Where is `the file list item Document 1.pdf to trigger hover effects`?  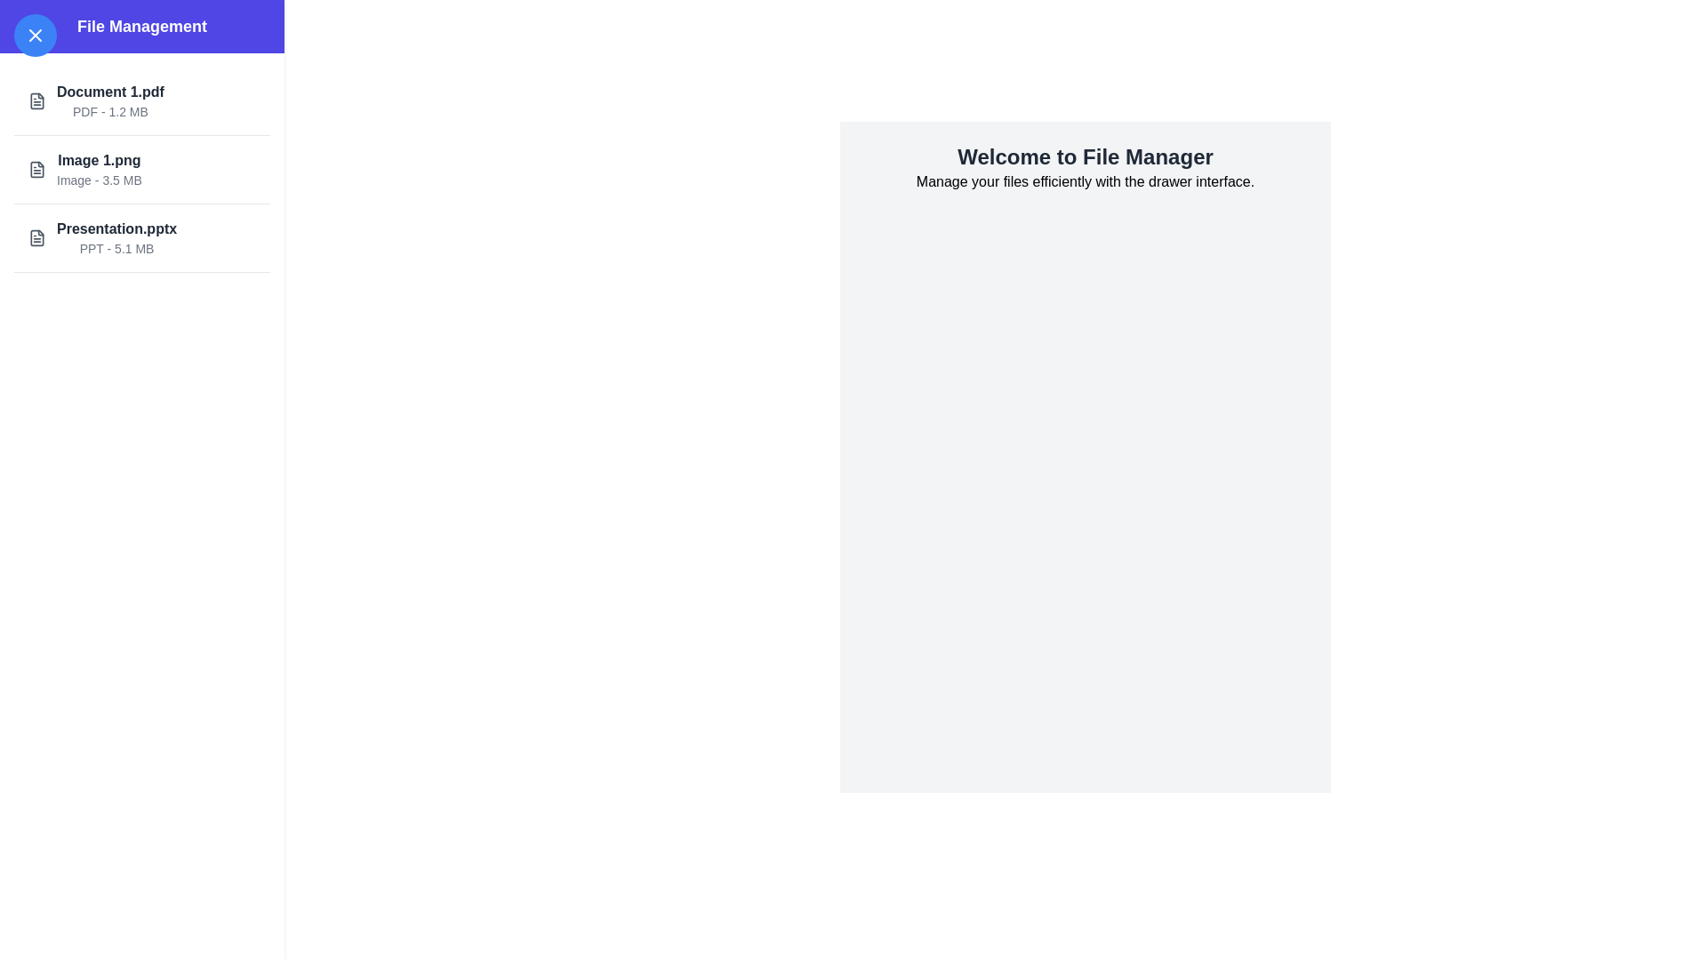
the file list item Document 1.pdf to trigger hover effects is located at coordinates (140, 101).